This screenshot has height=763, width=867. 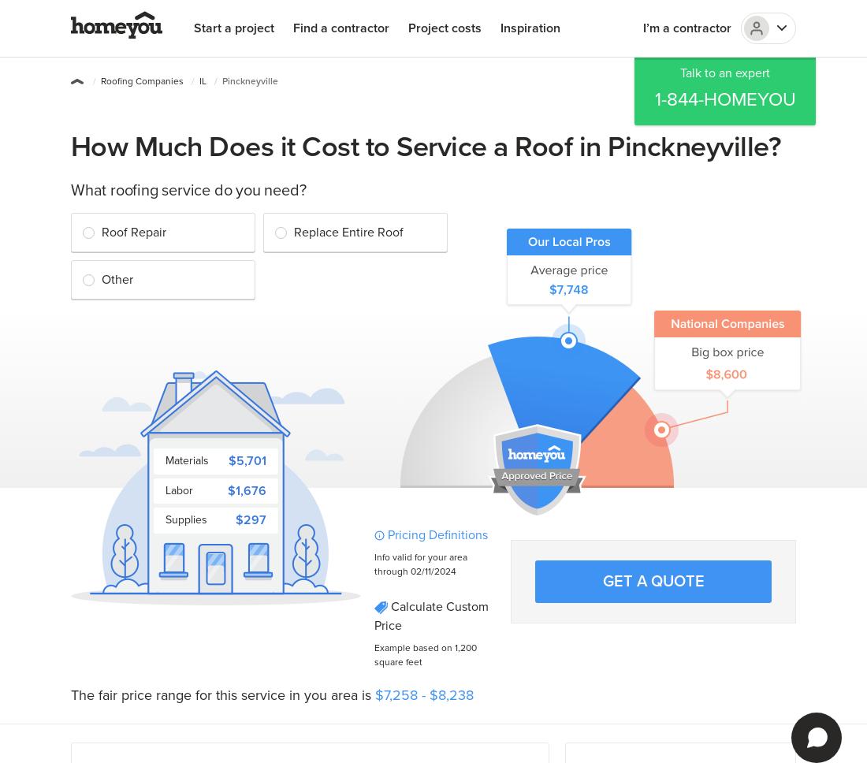 I want to click on '$297', so click(x=250, y=519).